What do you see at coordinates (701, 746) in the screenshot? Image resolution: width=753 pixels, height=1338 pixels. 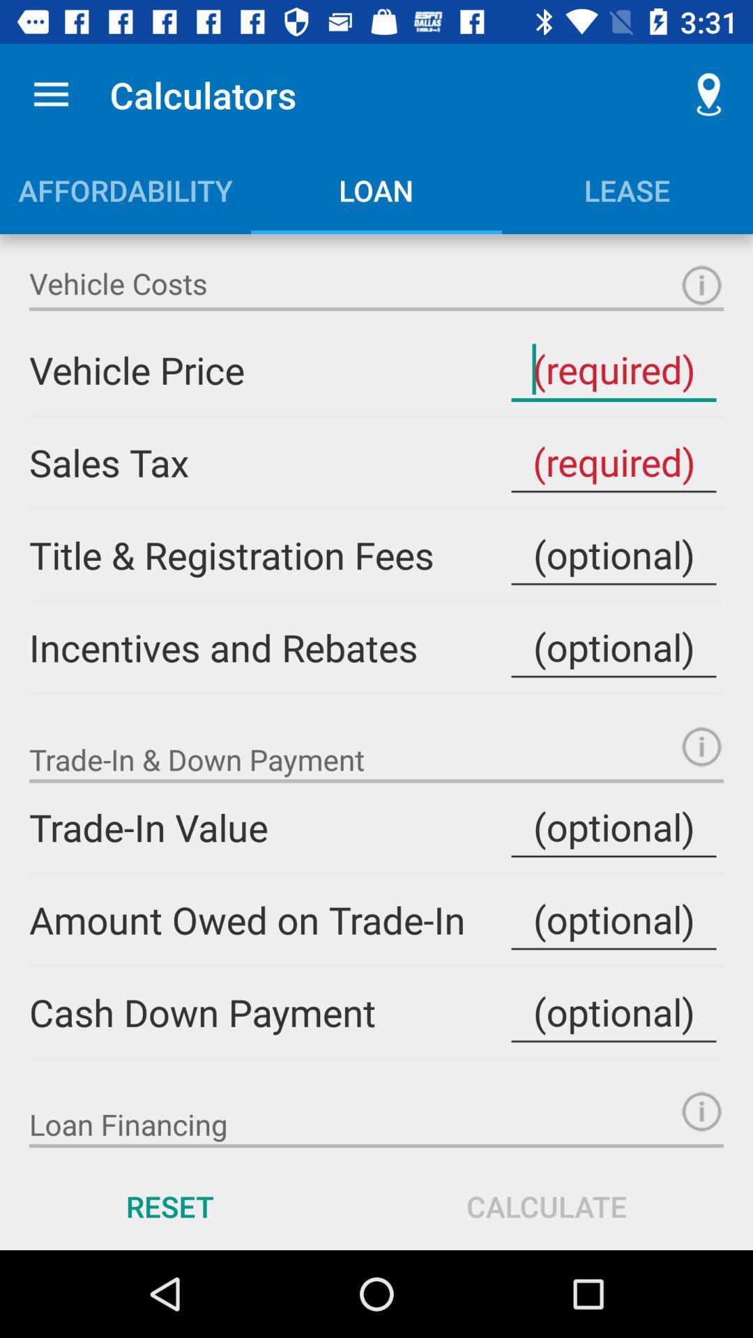 I see `more information about trade-in down payment` at bounding box center [701, 746].